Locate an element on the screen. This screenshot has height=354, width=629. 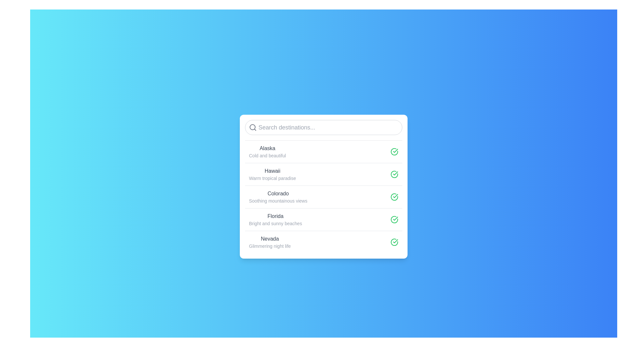
the circular lens of the magnifying glass icon located to the left of the 'Search destinations...' input field is located at coordinates (252, 127).